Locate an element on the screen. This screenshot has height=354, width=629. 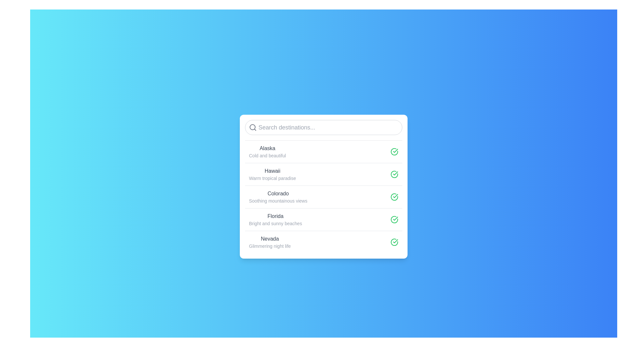
the circular lens of the magnifying glass icon located to the left of the 'Search destinations...' input field is located at coordinates (252, 127).